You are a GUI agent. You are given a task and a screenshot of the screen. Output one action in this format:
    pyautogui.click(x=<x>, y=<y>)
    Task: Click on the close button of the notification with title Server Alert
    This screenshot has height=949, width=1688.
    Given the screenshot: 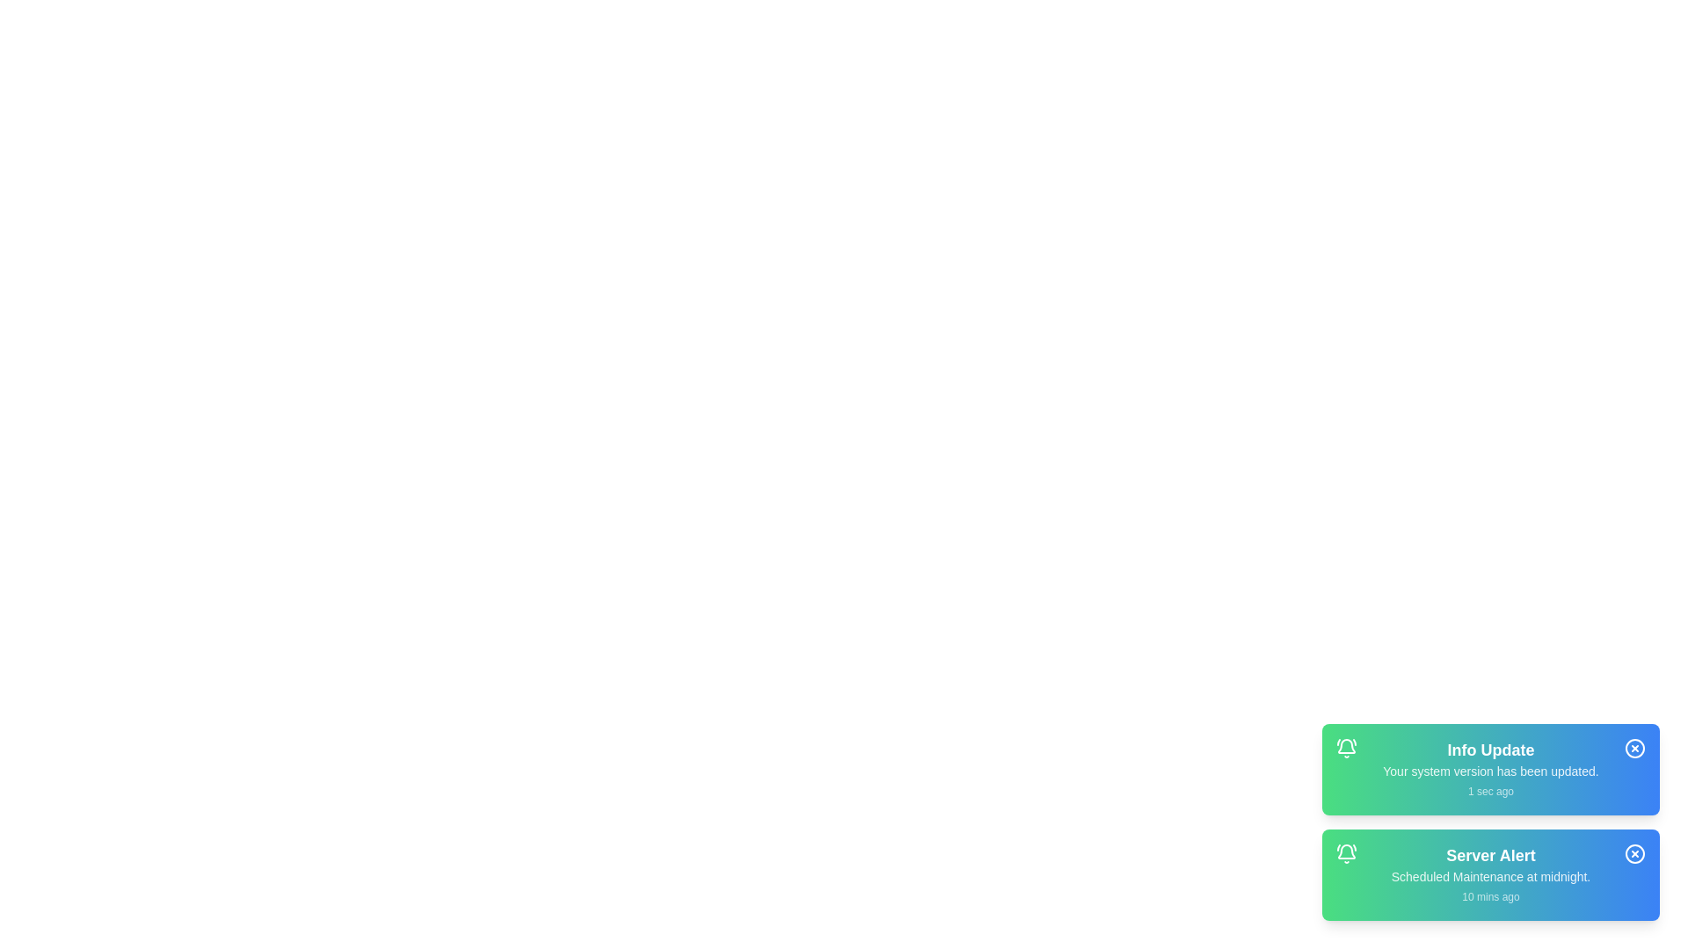 What is the action you would take?
    pyautogui.click(x=1634, y=853)
    